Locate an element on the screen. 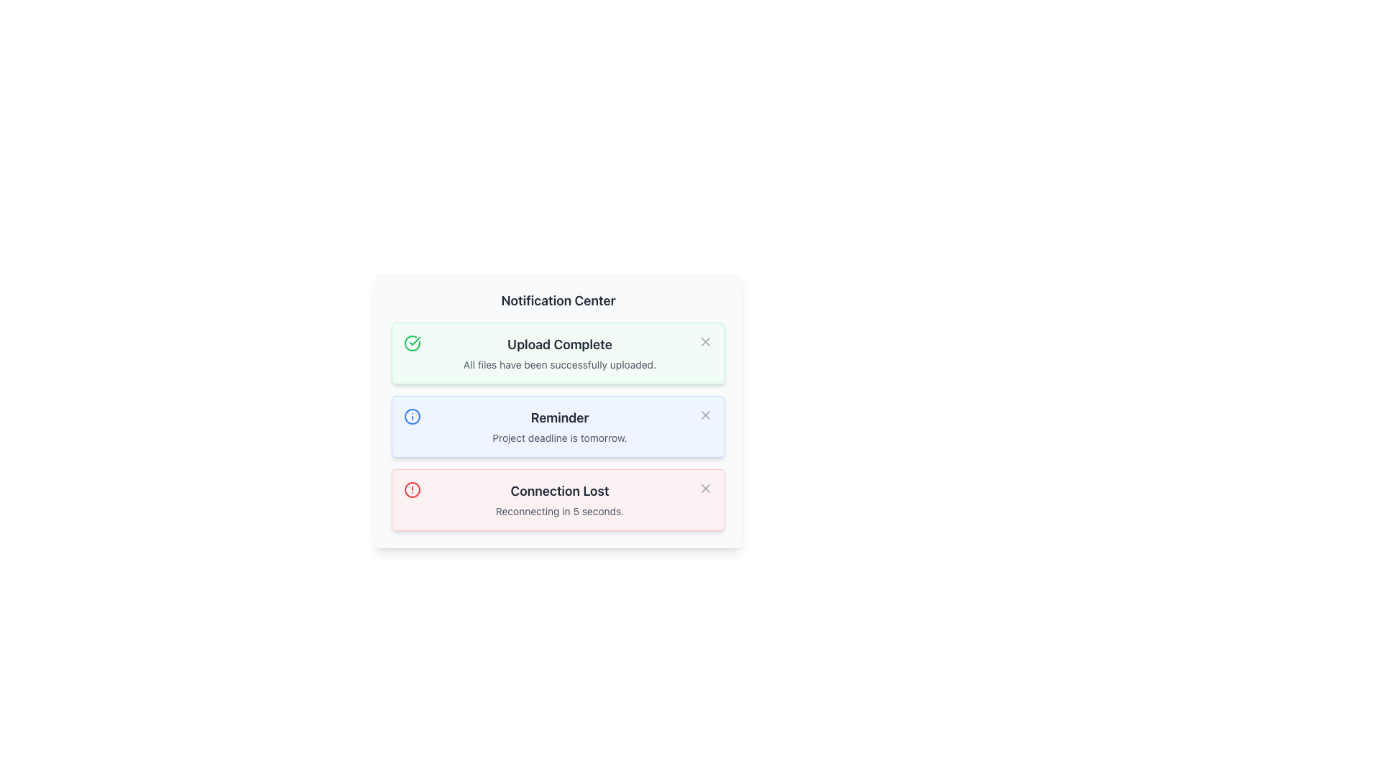 This screenshot has width=1380, height=776. text from the 'Notification Center' label, which is a bold, dark gray title located at the top of the notification panel is located at coordinates (558, 300).